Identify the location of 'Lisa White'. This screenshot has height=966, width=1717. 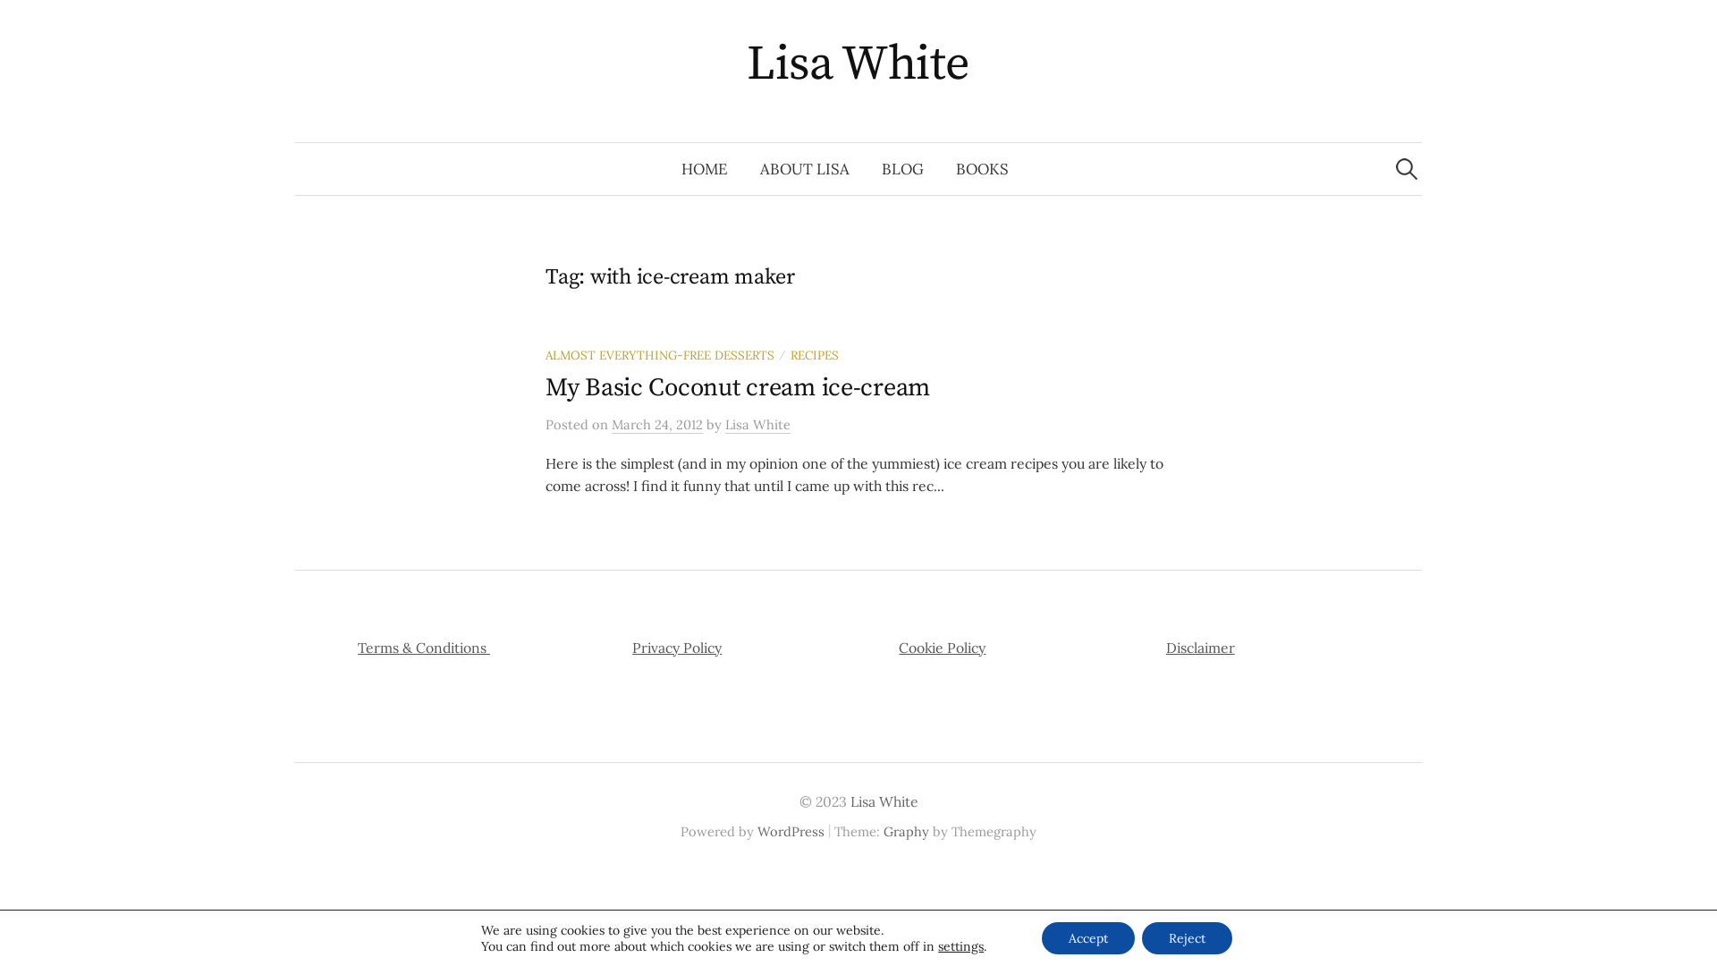
(757, 424).